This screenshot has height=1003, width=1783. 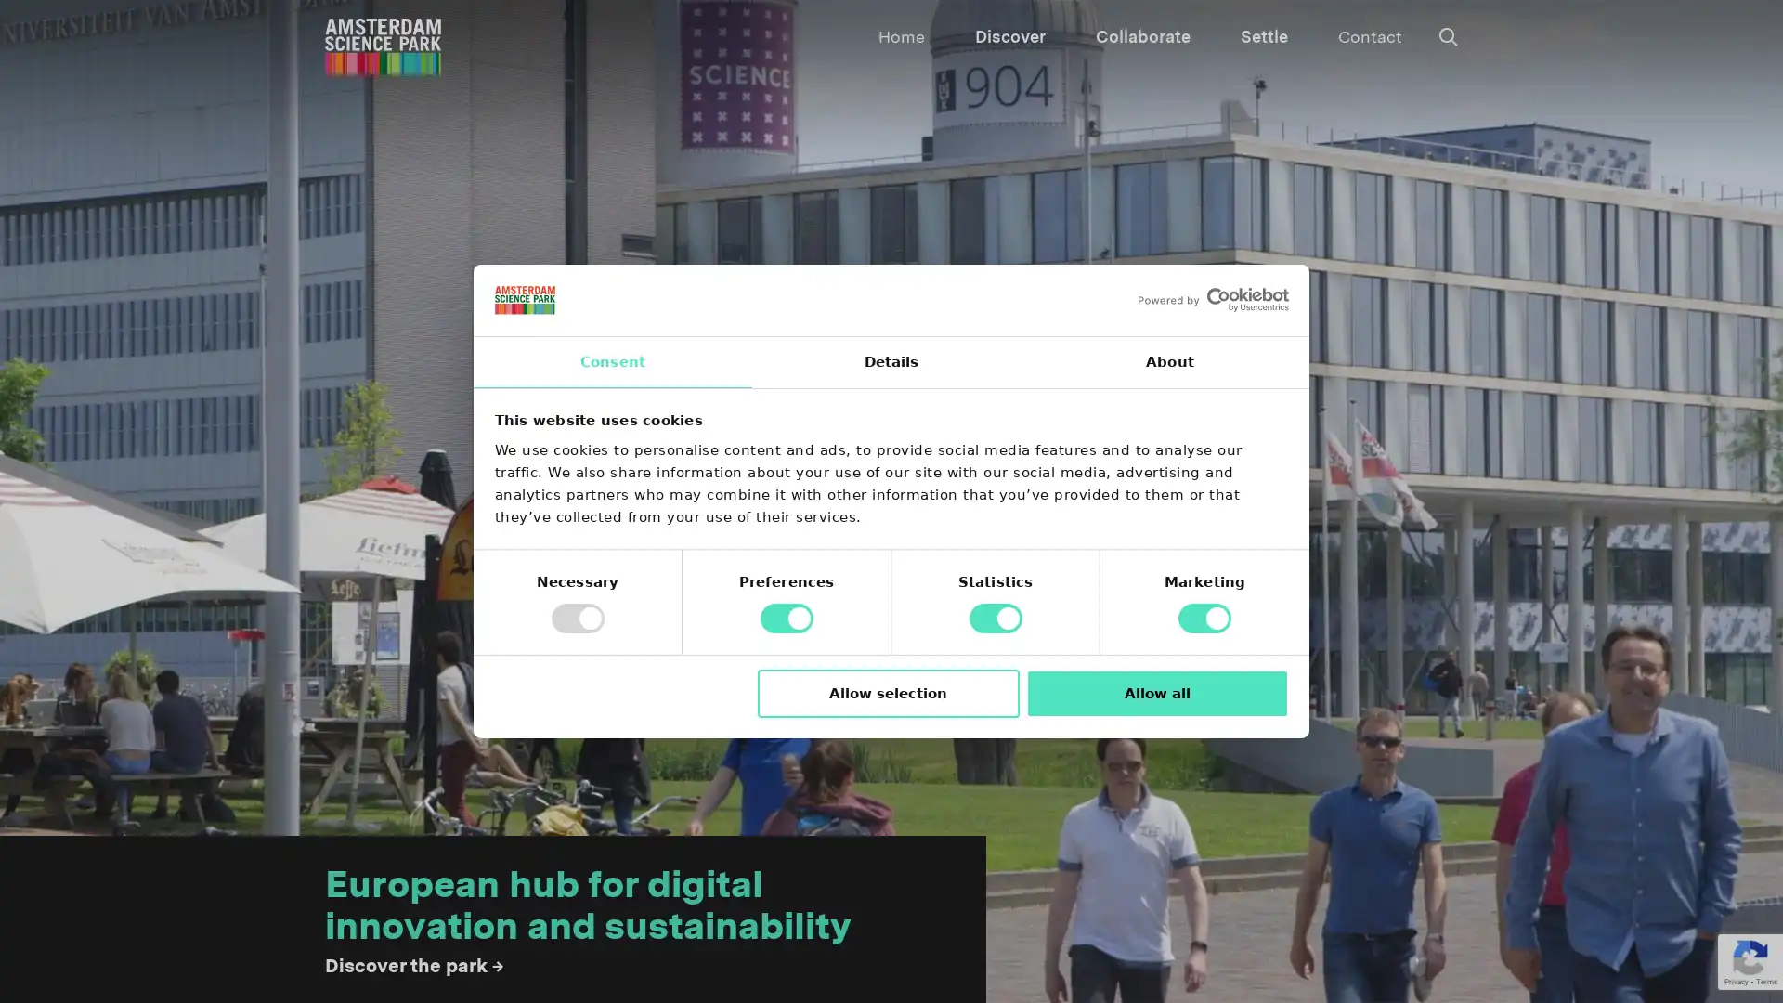 I want to click on Allow all, so click(x=1156, y=694).